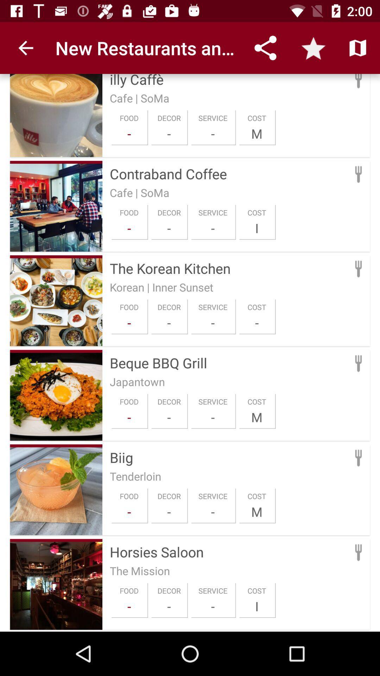 The image size is (380, 676). What do you see at coordinates (169, 606) in the screenshot?
I see `the icon next to the food icon` at bounding box center [169, 606].